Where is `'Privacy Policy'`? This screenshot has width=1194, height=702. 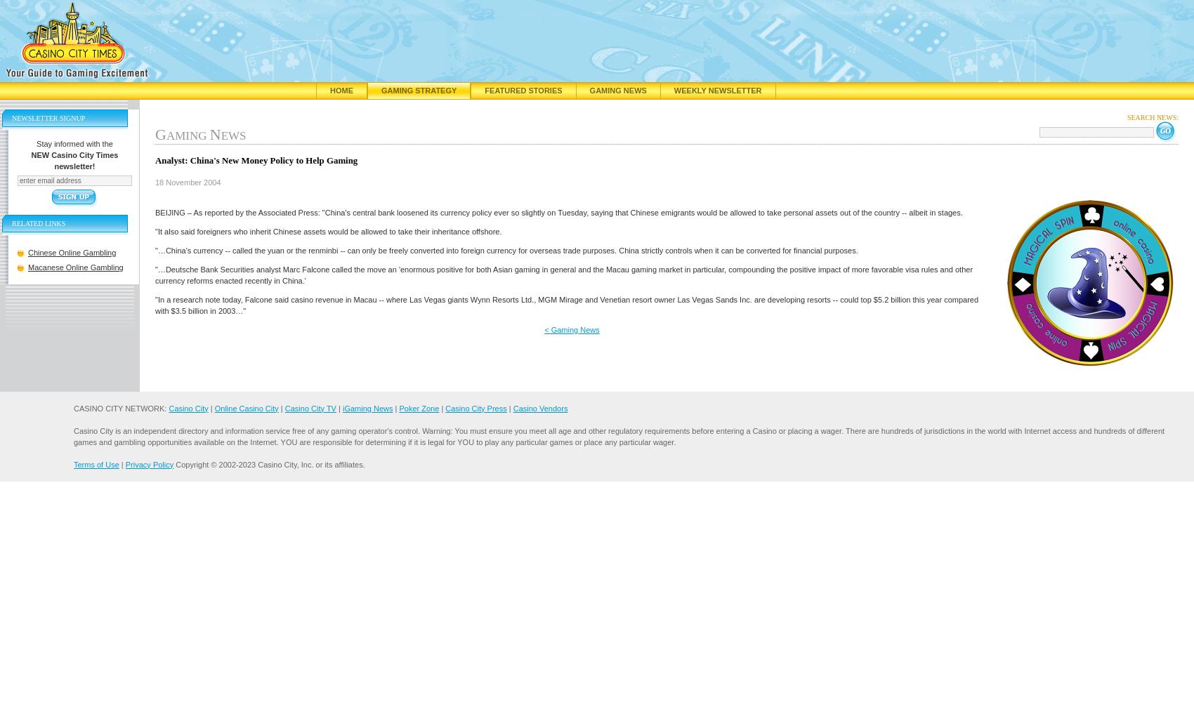 'Privacy Policy' is located at coordinates (148, 464).